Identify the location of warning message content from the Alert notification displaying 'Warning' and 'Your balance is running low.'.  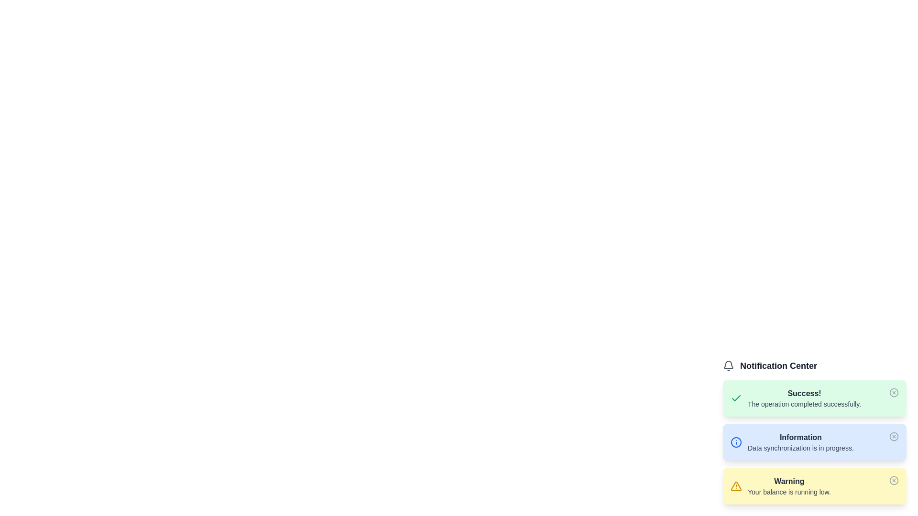
(789, 486).